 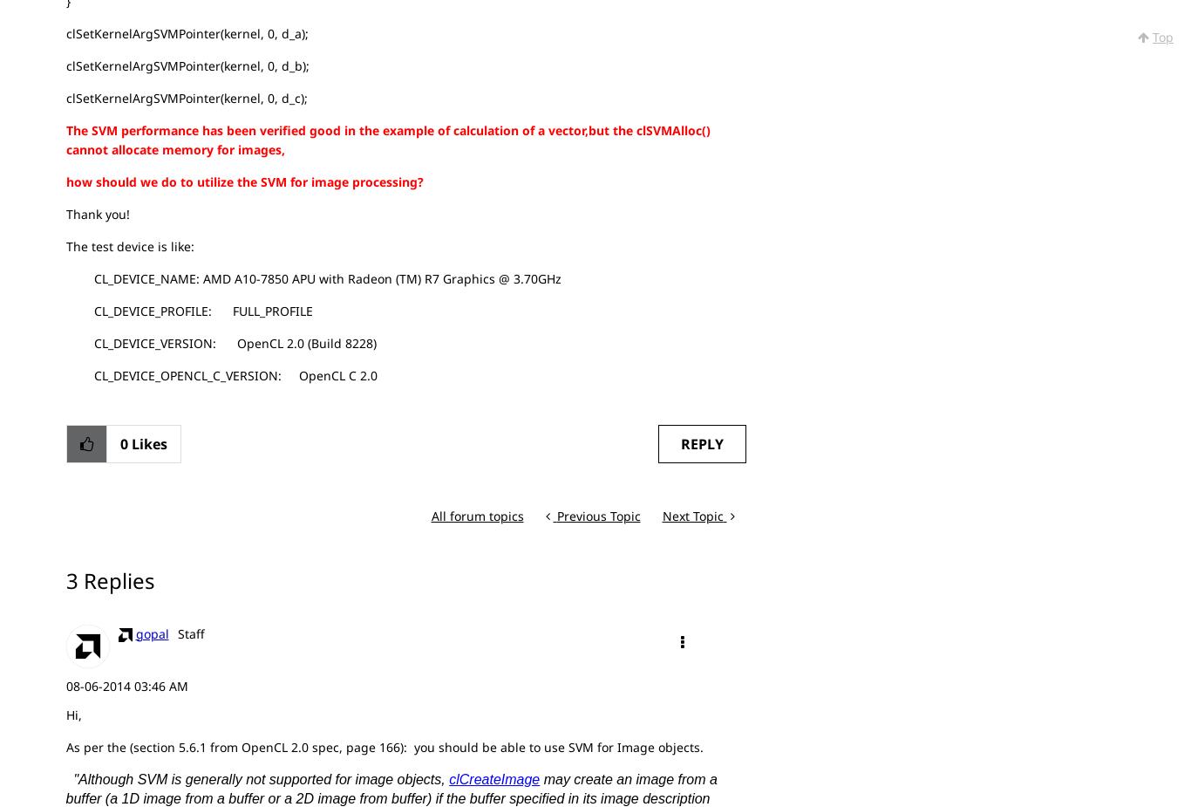 What do you see at coordinates (97, 212) in the screenshot?
I see `'Thank you!'` at bounding box center [97, 212].